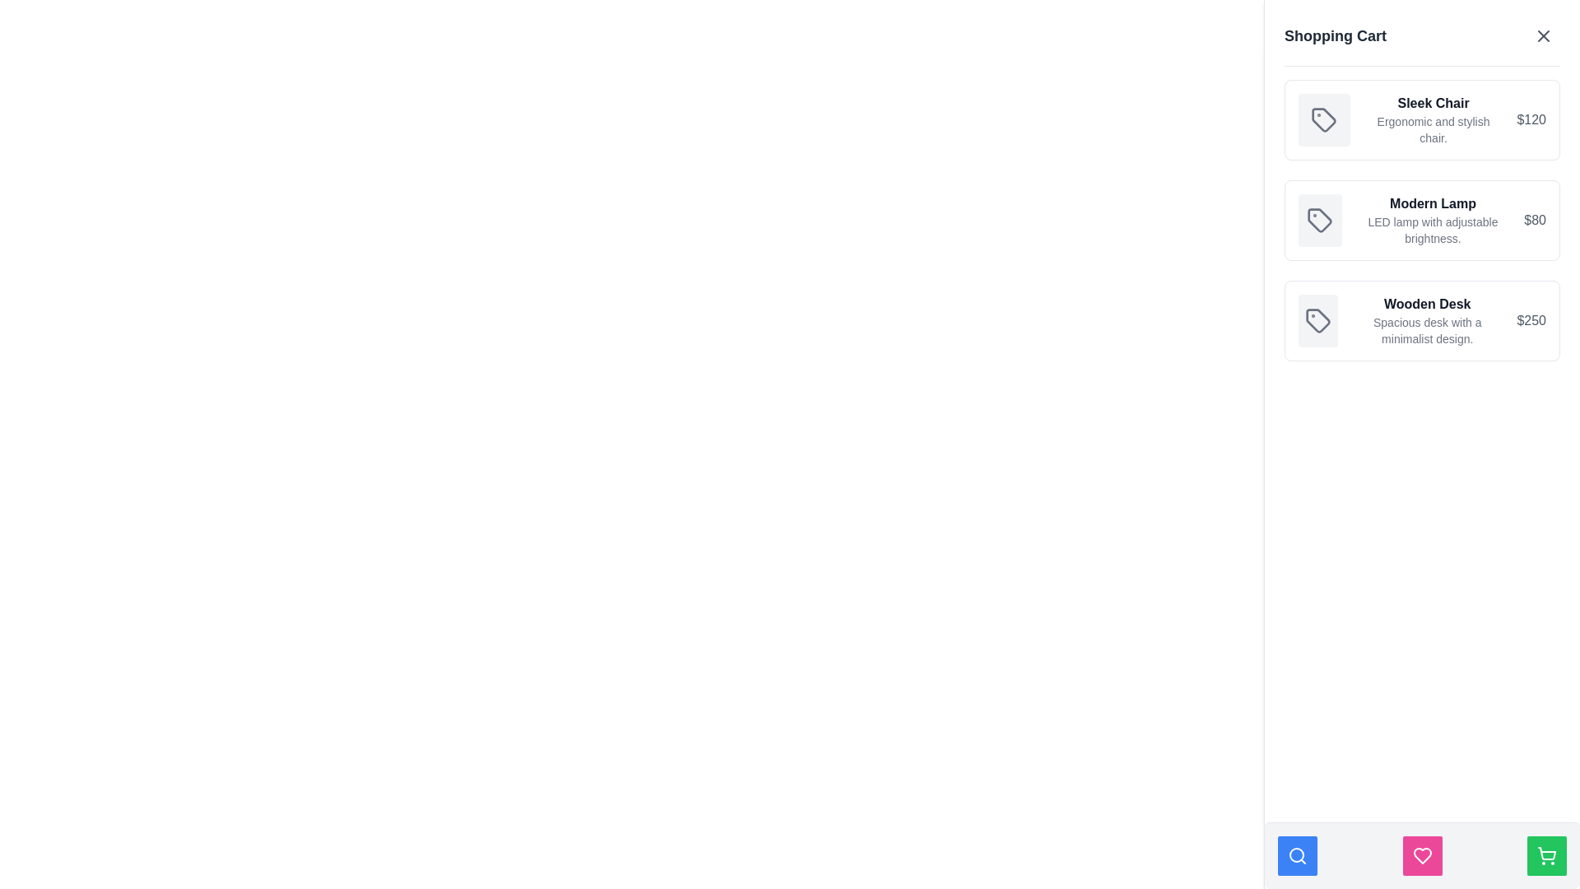  I want to click on the text label reading 'LED lamp with adjustable brightness' styled in light gray, located below the title 'Modern Lamp' in the shopping cart sidebar, so click(1432, 230).